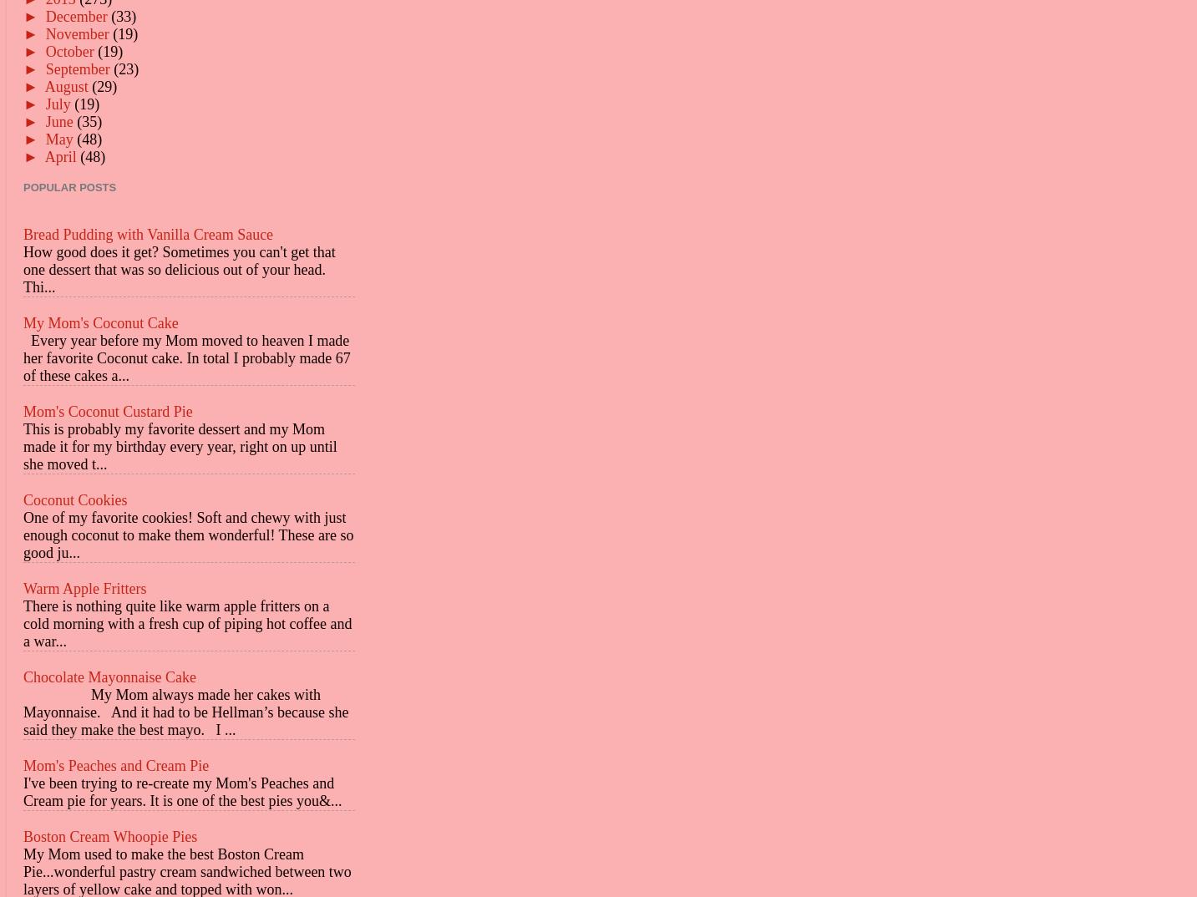  What do you see at coordinates (148, 233) in the screenshot?
I see `'Bread Pudding with Vanilla Cream Sauce'` at bounding box center [148, 233].